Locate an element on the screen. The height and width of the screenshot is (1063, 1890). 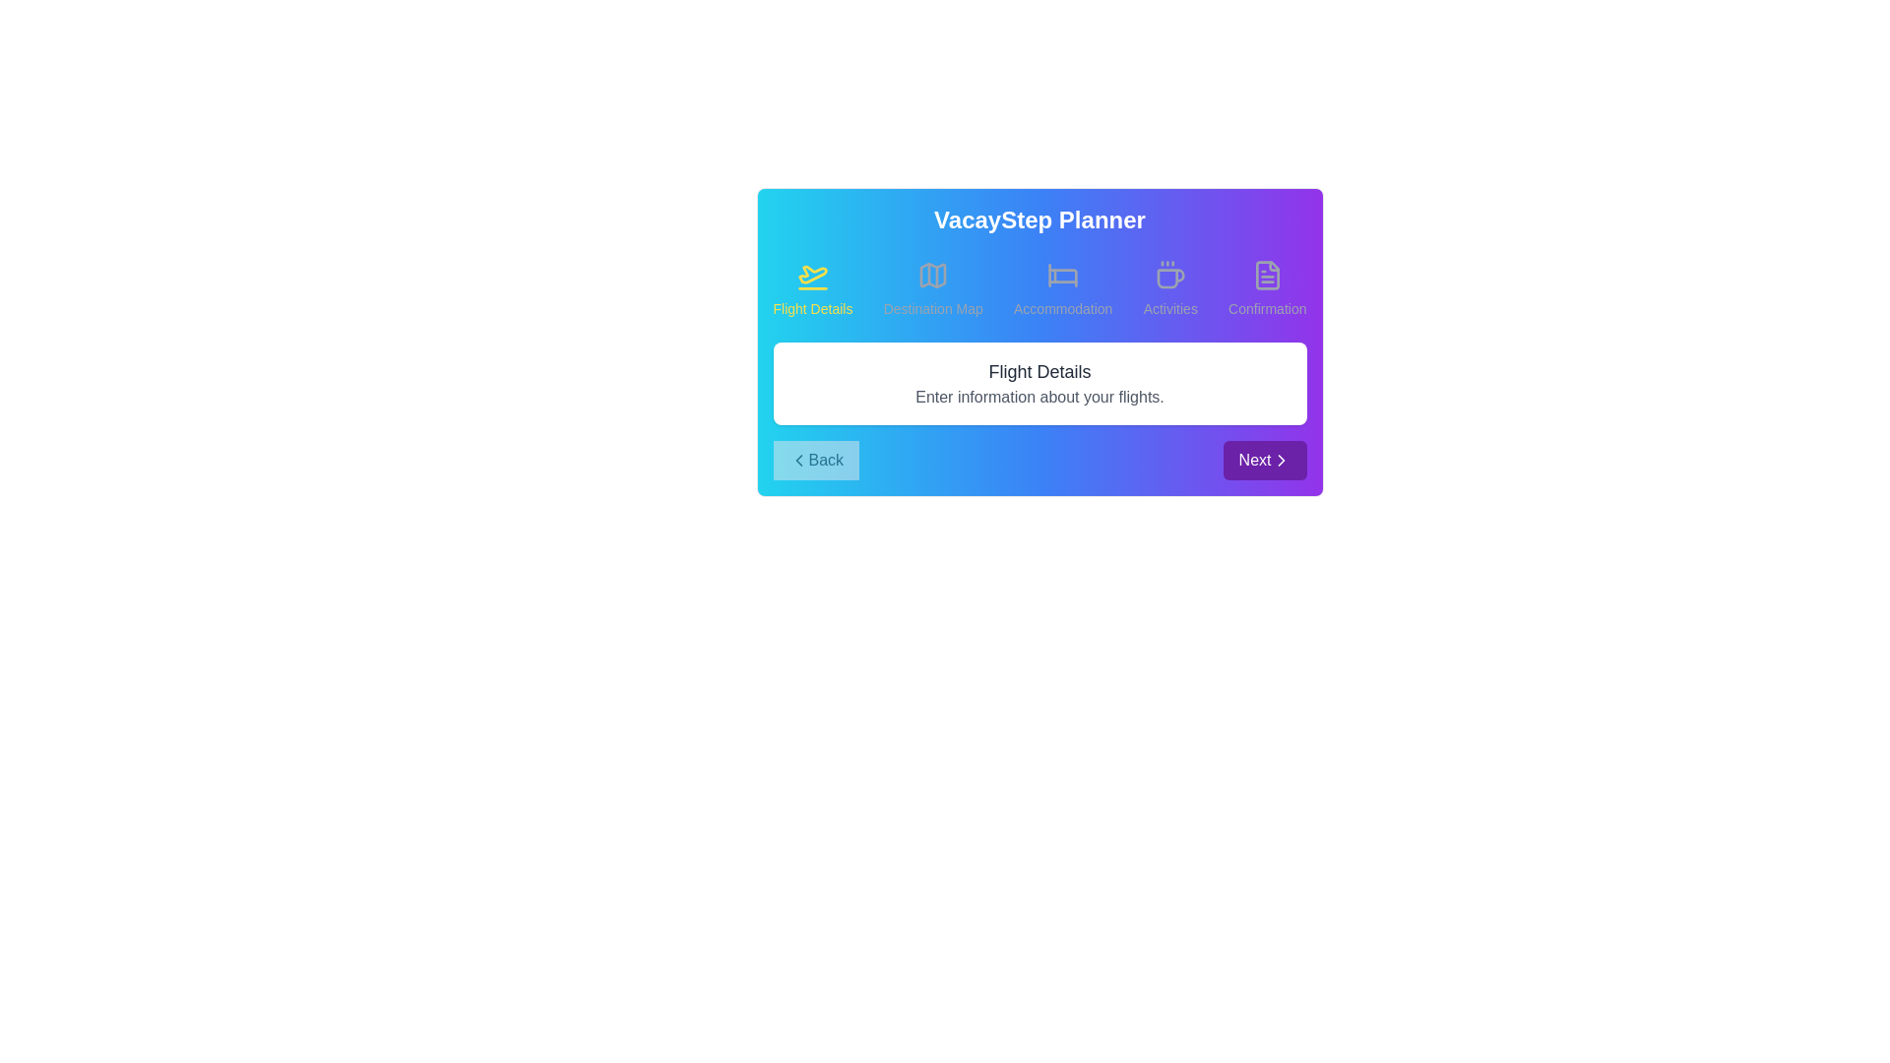
the step Confirmation by clicking its title or icon is located at coordinates (1266, 288).